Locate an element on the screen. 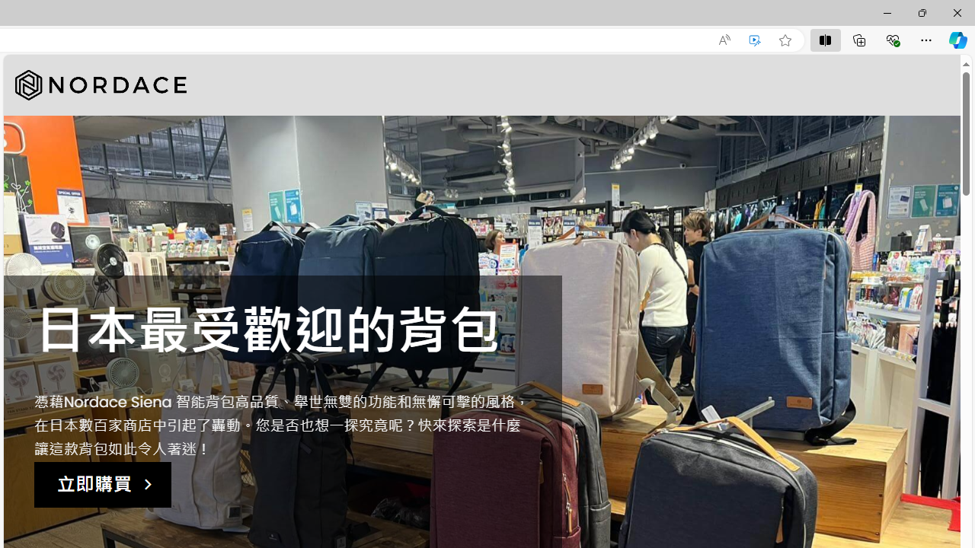 The image size is (975, 548). 'Enhance video' is located at coordinates (755, 40).